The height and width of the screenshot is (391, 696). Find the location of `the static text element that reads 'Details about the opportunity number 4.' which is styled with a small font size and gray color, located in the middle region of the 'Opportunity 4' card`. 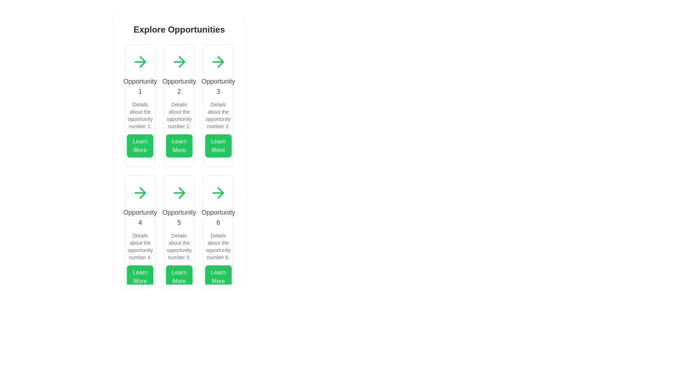

the static text element that reads 'Details about the opportunity number 4.' which is styled with a small font size and gray color, located in the middle region of the 'Opportunity 4' card is located at coordinates (140, 246).